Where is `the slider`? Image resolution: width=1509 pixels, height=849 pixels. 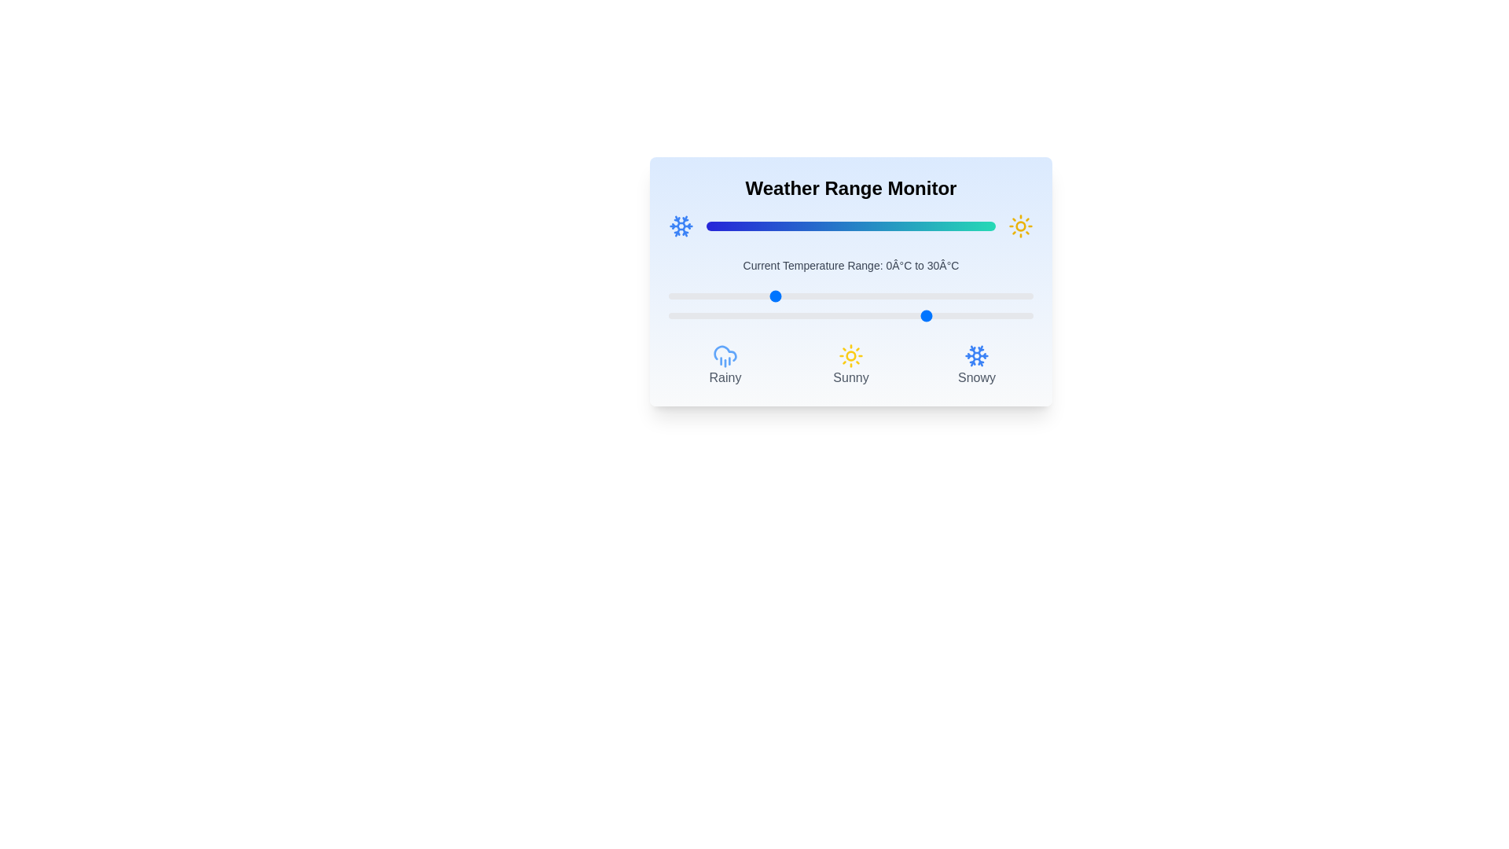 the slider is located at coordinates (740, 296).